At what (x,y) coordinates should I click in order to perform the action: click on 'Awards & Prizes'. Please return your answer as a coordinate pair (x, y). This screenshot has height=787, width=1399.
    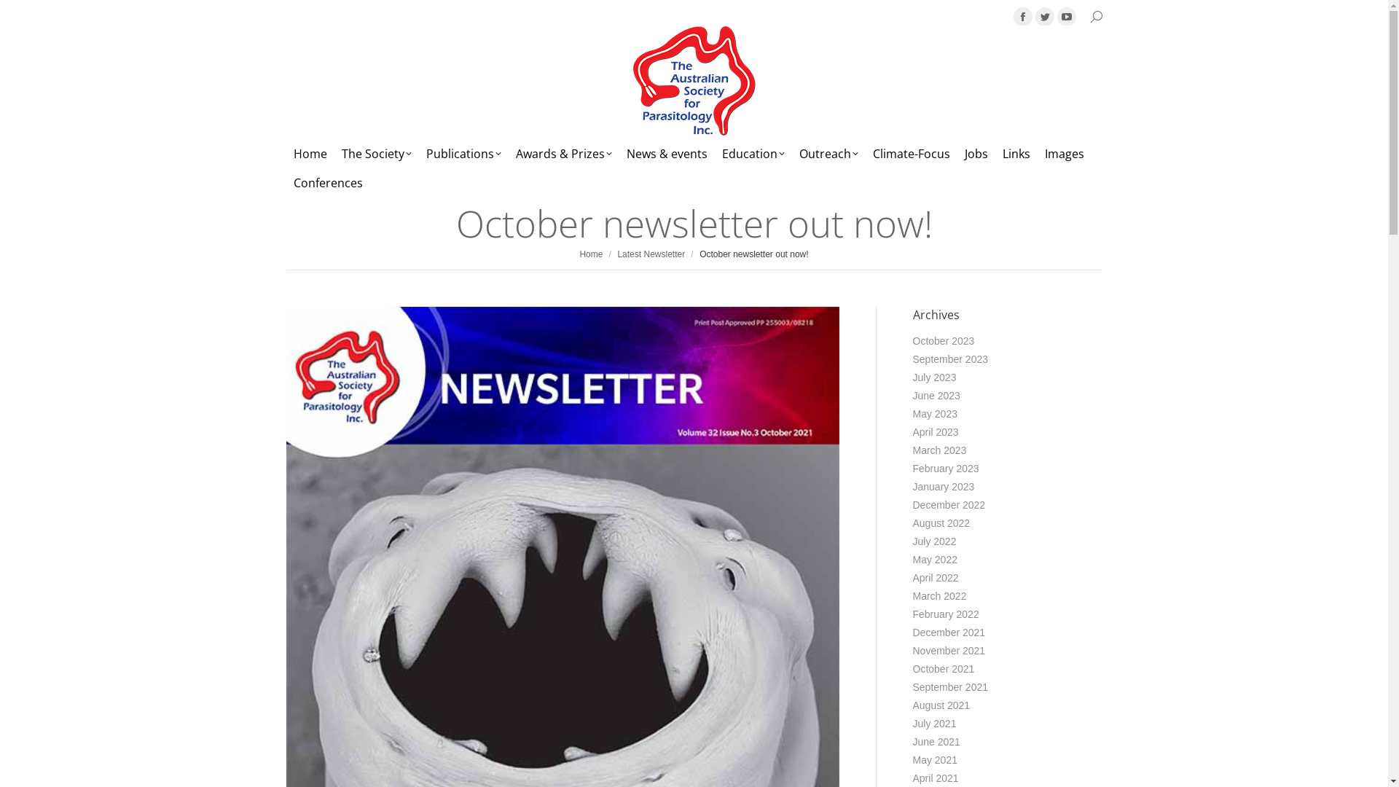
    Looking at the image, I should click on (563, 154).